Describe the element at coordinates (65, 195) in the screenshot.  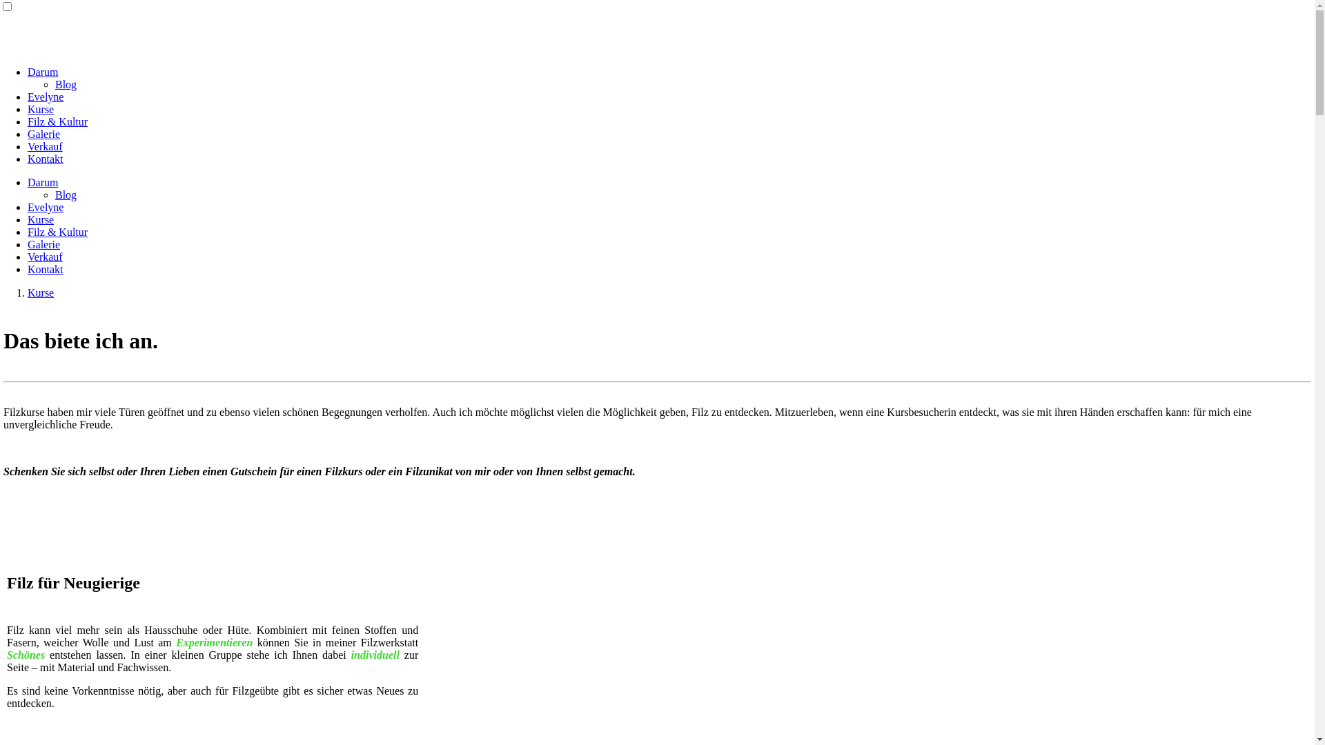
I see `'Blog'` at that location.